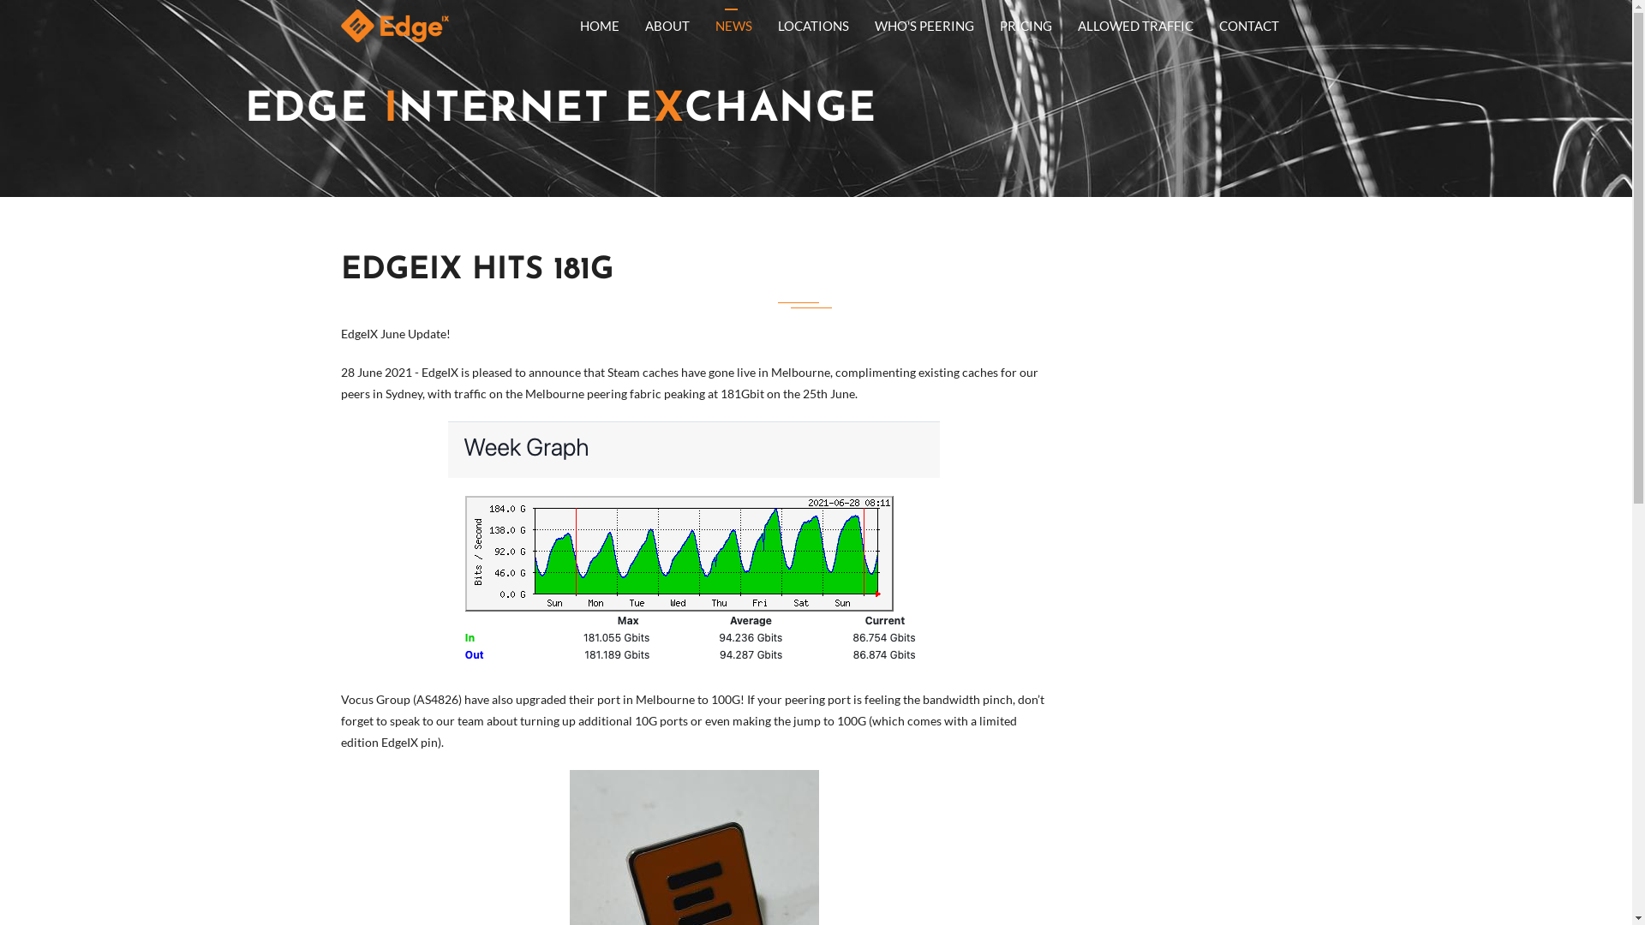 The image size is (1645, 925). What do you see at coordinates (631, 26) in the screenshot?
I see `'ABOUT'` at bounding box center [631, 26].